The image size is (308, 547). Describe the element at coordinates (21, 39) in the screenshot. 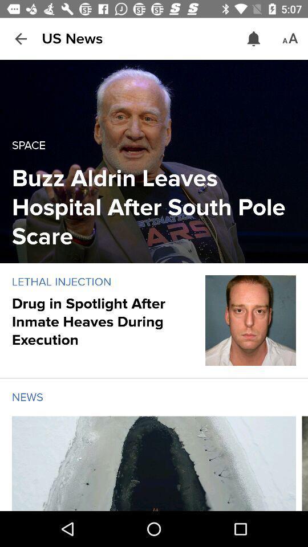

I see `the item next to the us news icon` at that location.